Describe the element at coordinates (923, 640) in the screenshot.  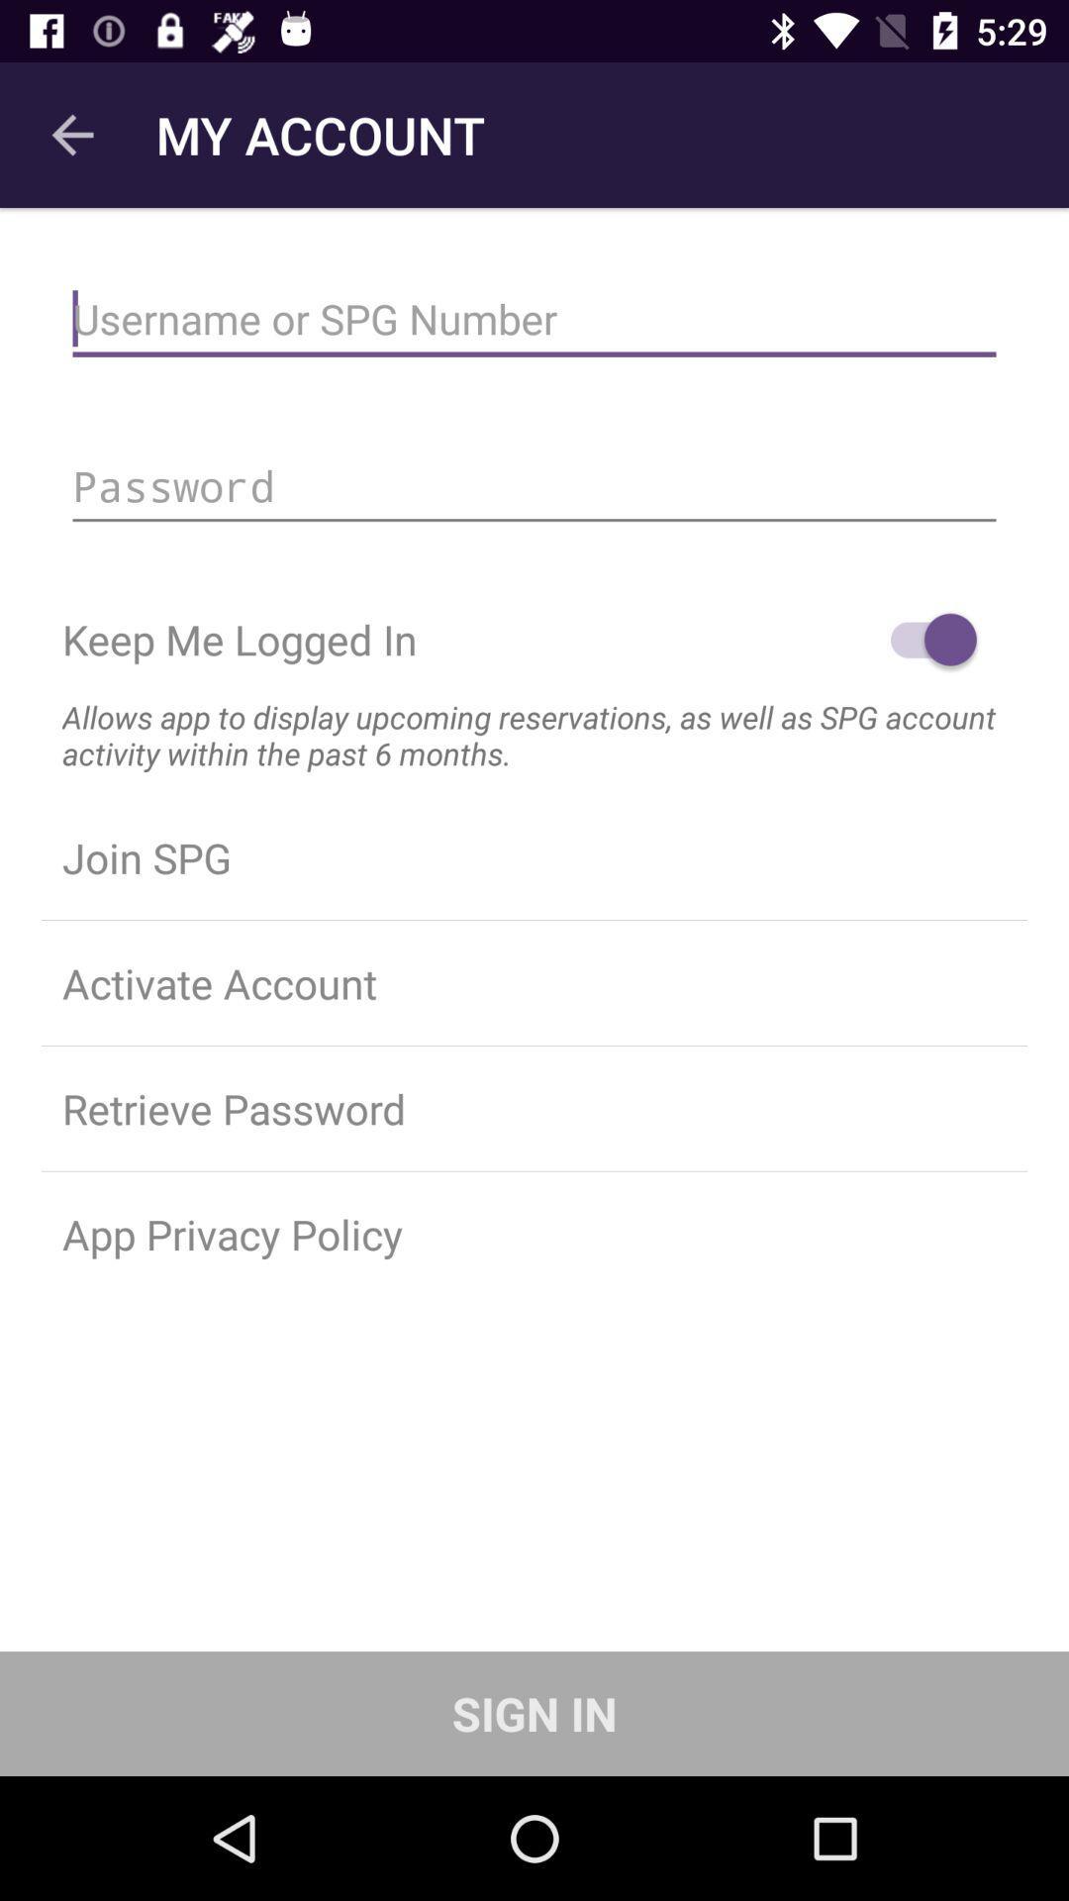
I see `icon above the allows app to` at that location.